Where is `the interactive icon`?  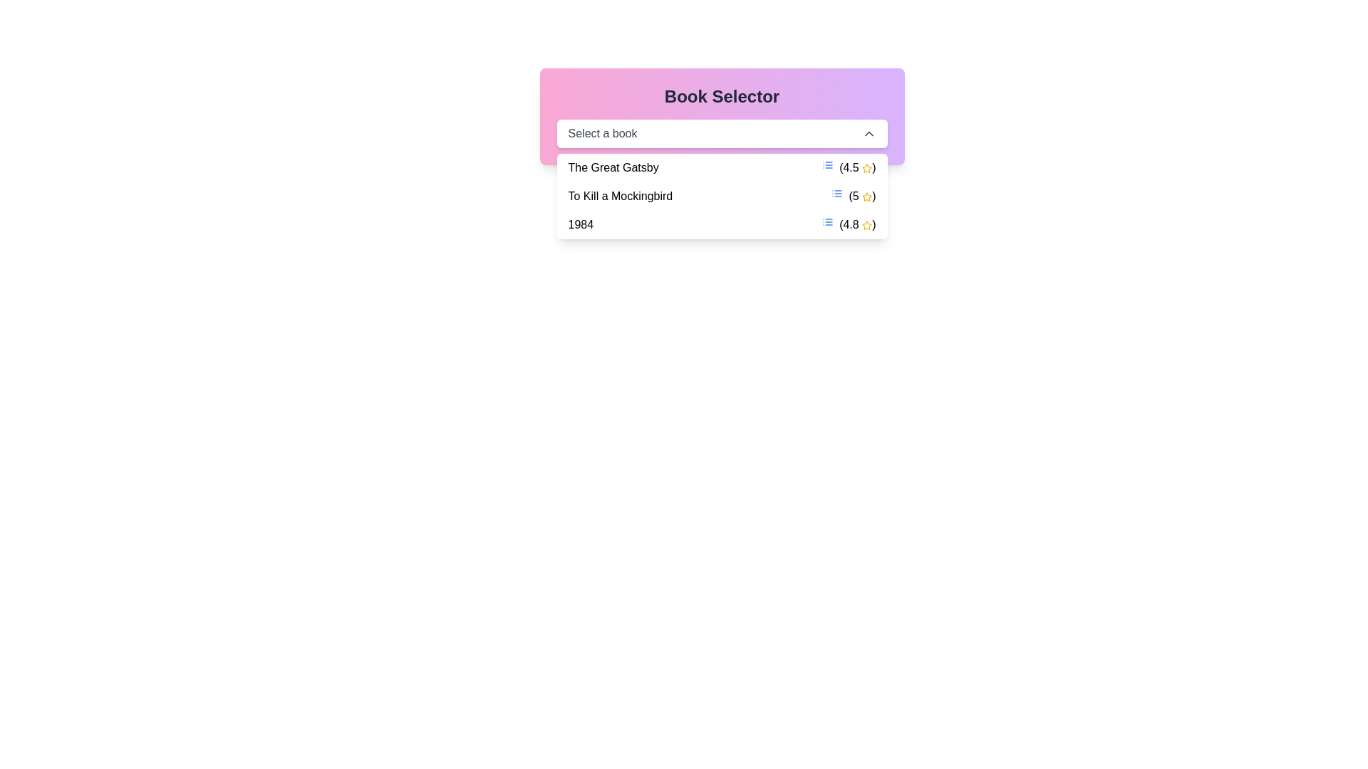 the interactive icon is located at coordinates (828, 164).